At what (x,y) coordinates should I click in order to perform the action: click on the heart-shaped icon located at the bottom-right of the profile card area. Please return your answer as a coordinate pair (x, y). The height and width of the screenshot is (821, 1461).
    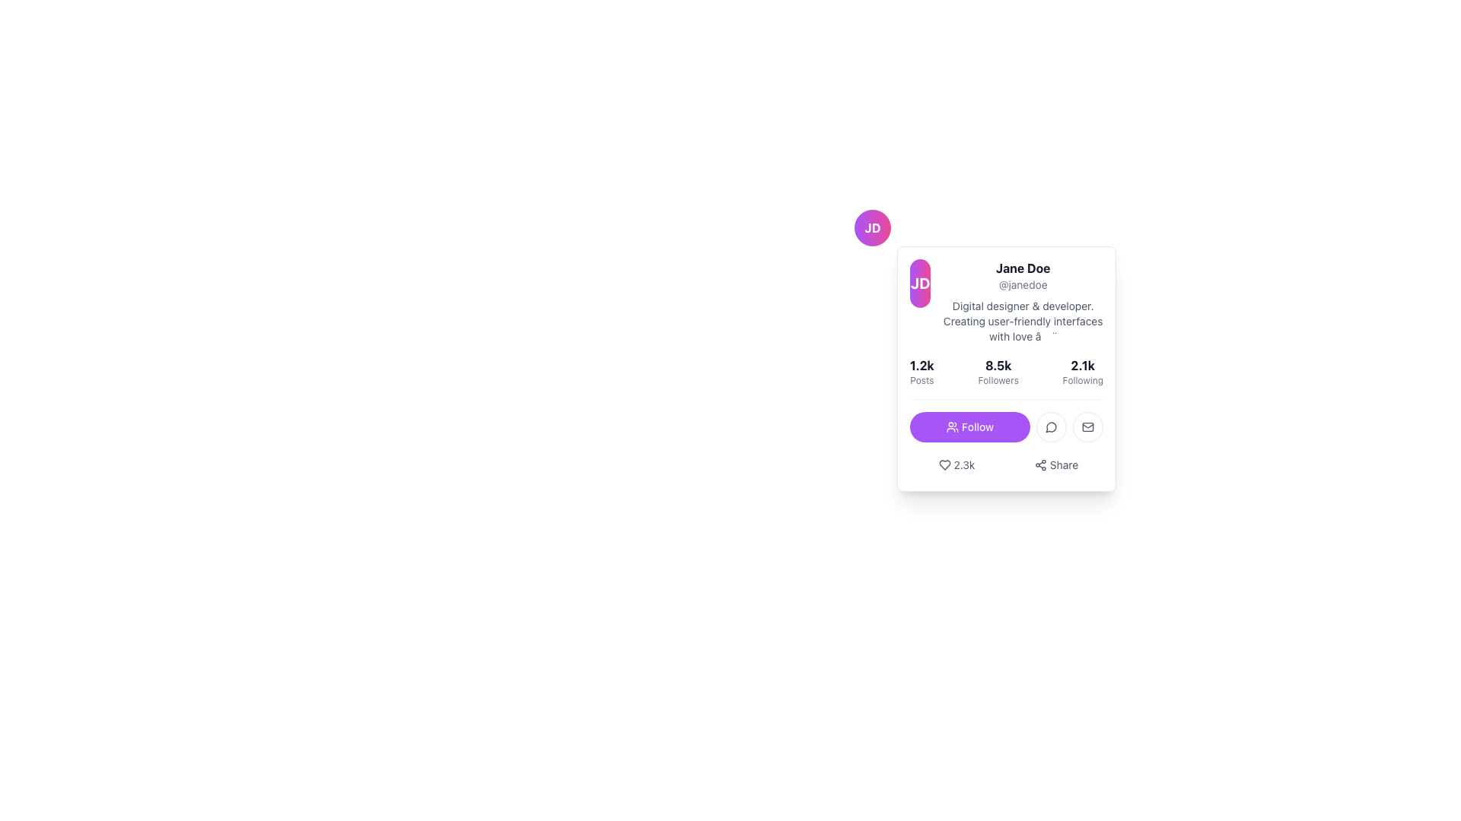
    Looking at the image, I should click on (944, 464).